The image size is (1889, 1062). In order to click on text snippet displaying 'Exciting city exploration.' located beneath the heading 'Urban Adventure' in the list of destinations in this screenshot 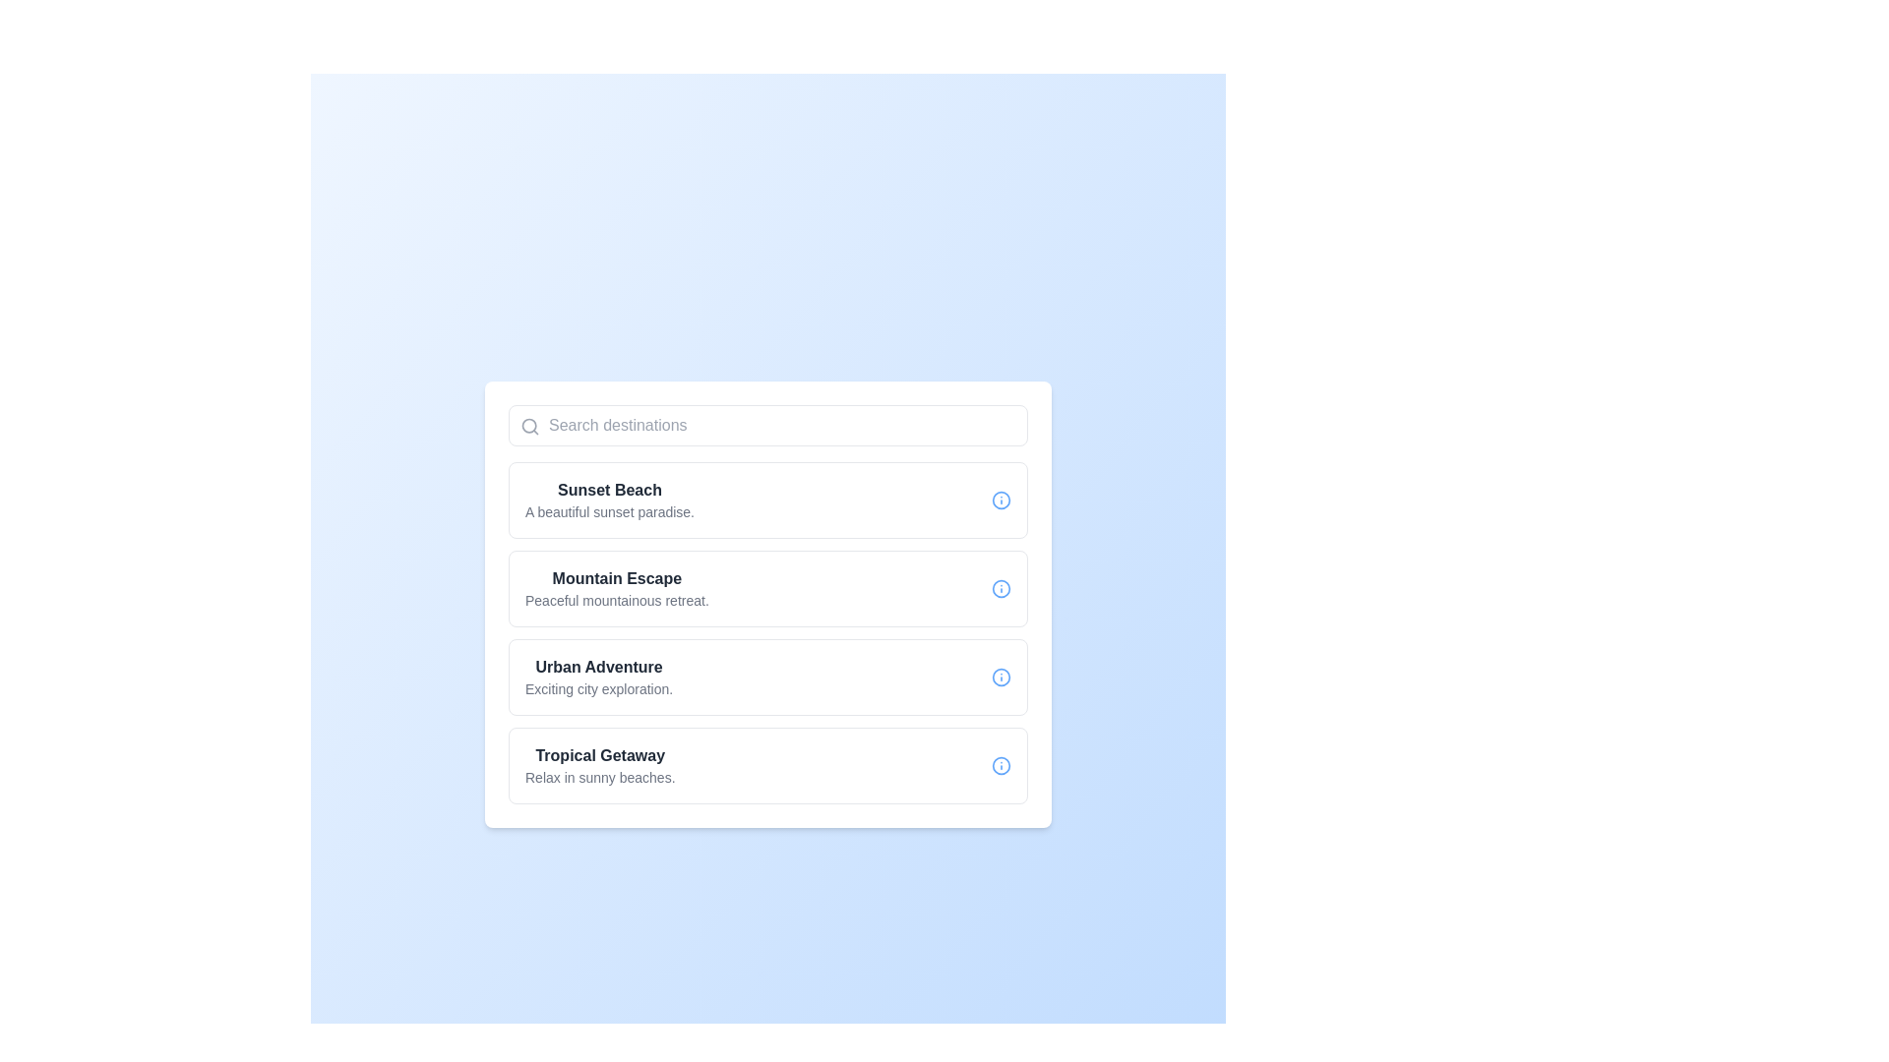, I will do `click(598, 688)`.